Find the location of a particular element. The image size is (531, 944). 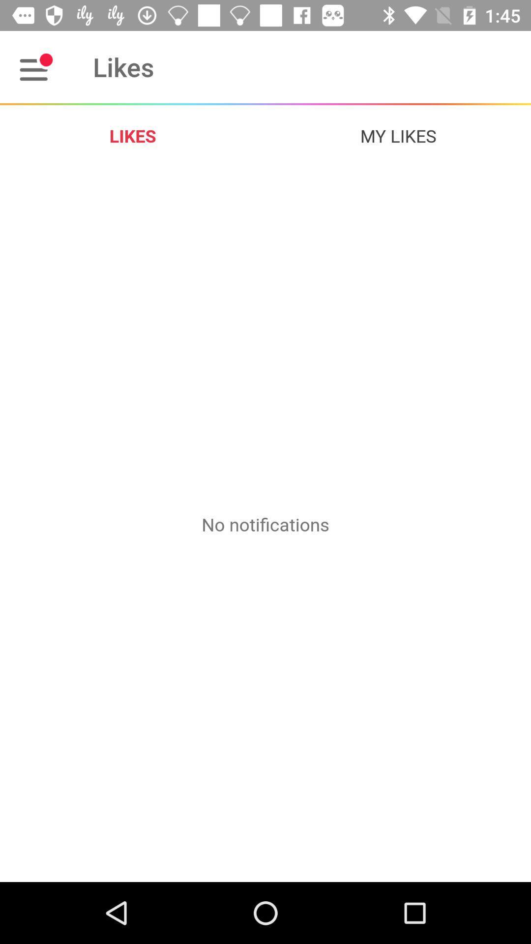

the item next to likes is located at coordinates (398, 135).